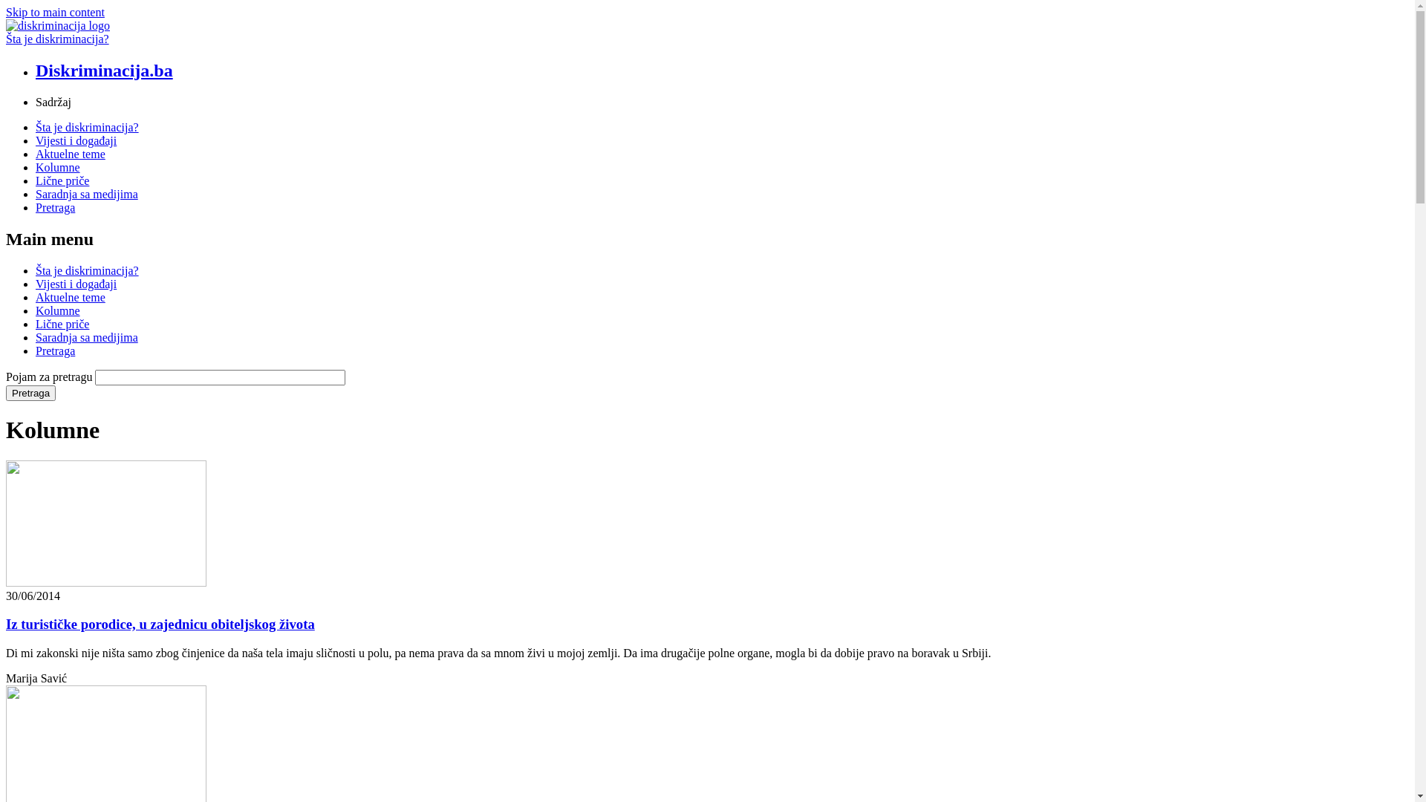 This screenshot has height=802, width=1426. I want to click on 'Saradnja sa medijima', so click(85, 337).